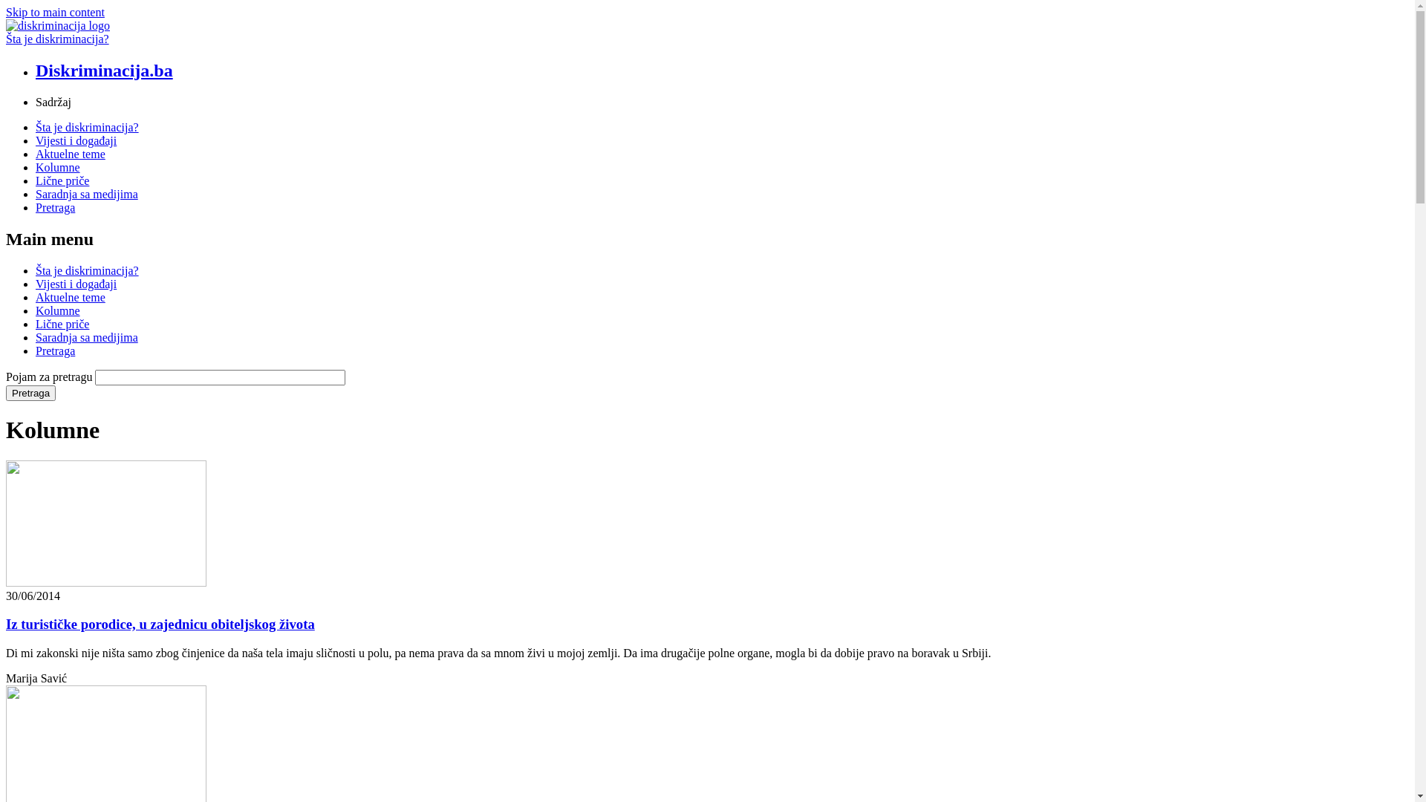 This screenshot has height=802, width=1426. I want to click on 'Saradnja sa medijima', so click(85, 337).